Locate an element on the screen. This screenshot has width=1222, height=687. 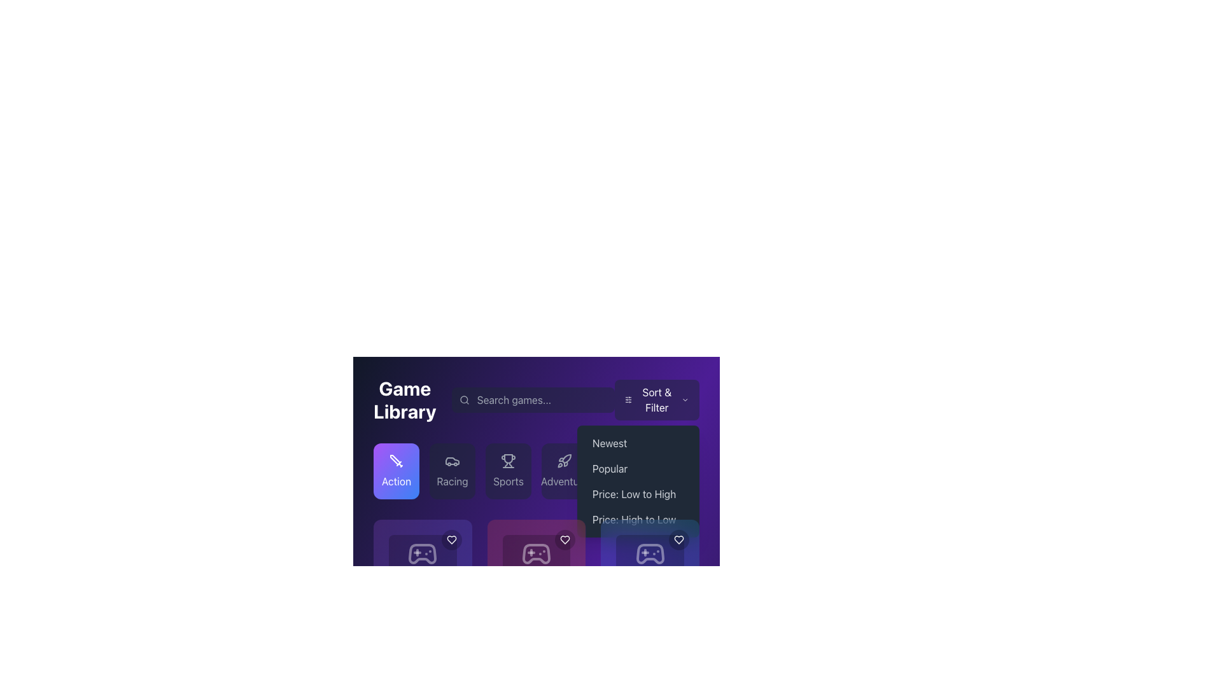
the heart icon located at the bottom-right section of the purple card representing a game in the library is located at coordinates (451, 539).